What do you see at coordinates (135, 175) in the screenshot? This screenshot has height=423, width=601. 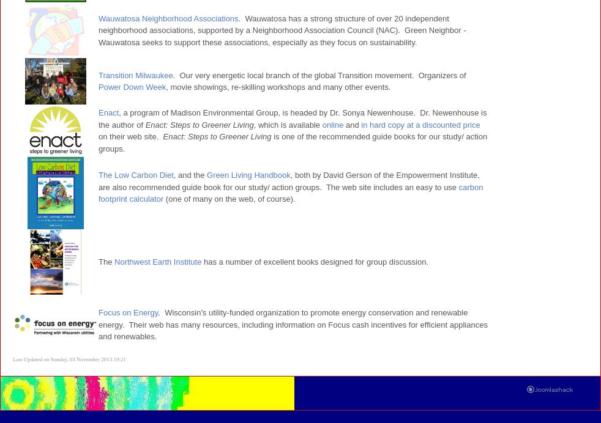 I see `'The Low Carbon Diet'` at bounding box center [135, 175].